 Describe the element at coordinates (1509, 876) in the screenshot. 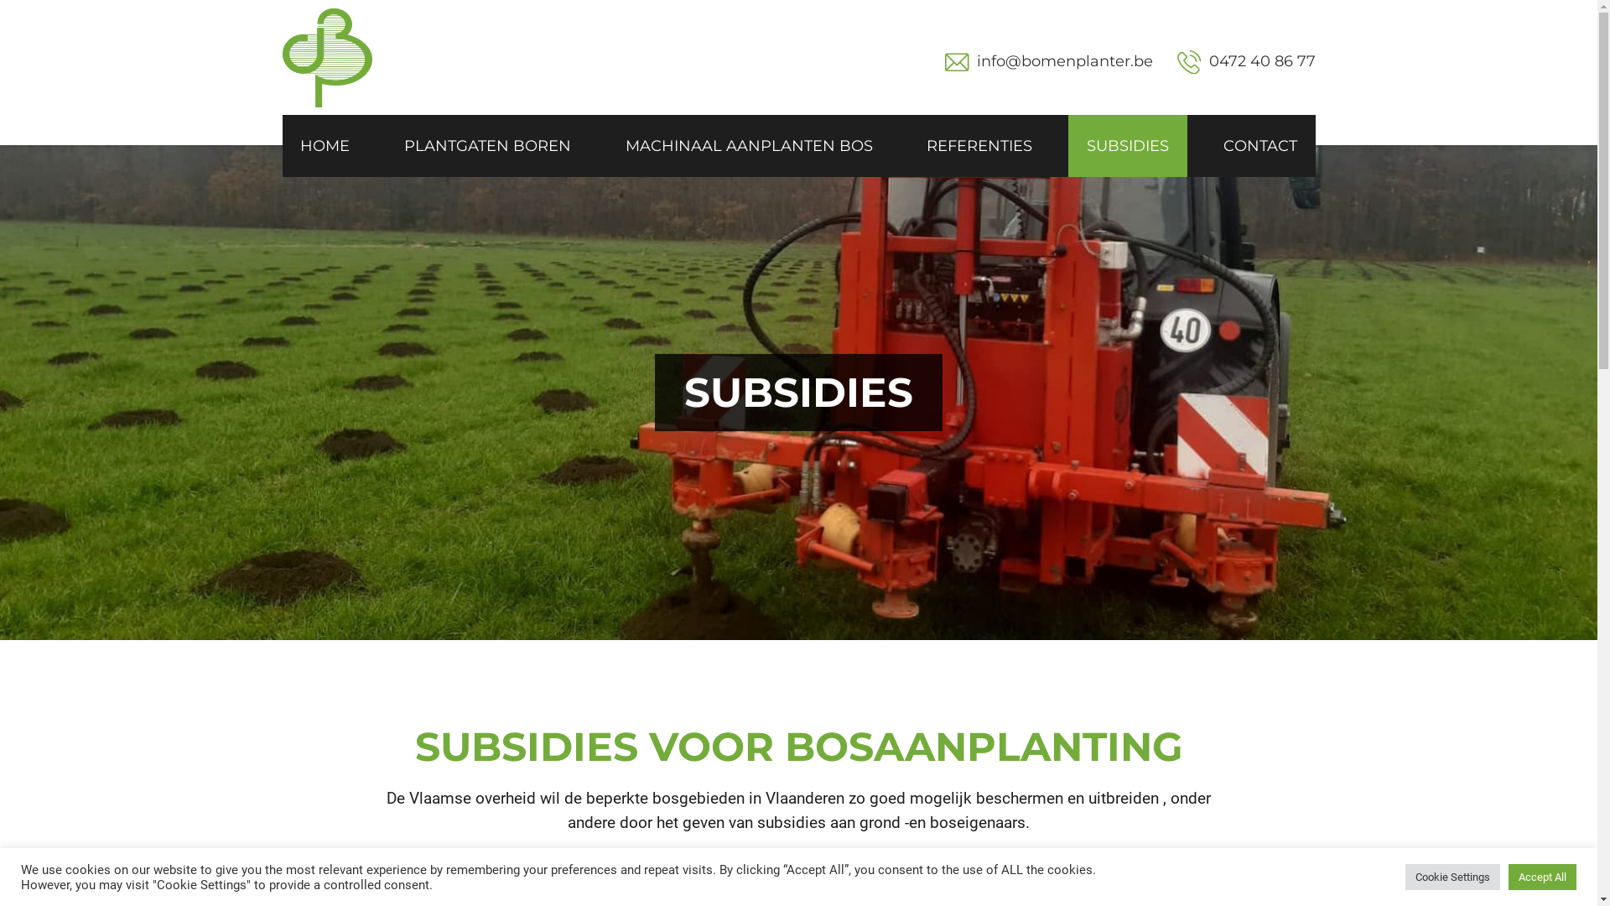

I see `'Accept All'` at that location.